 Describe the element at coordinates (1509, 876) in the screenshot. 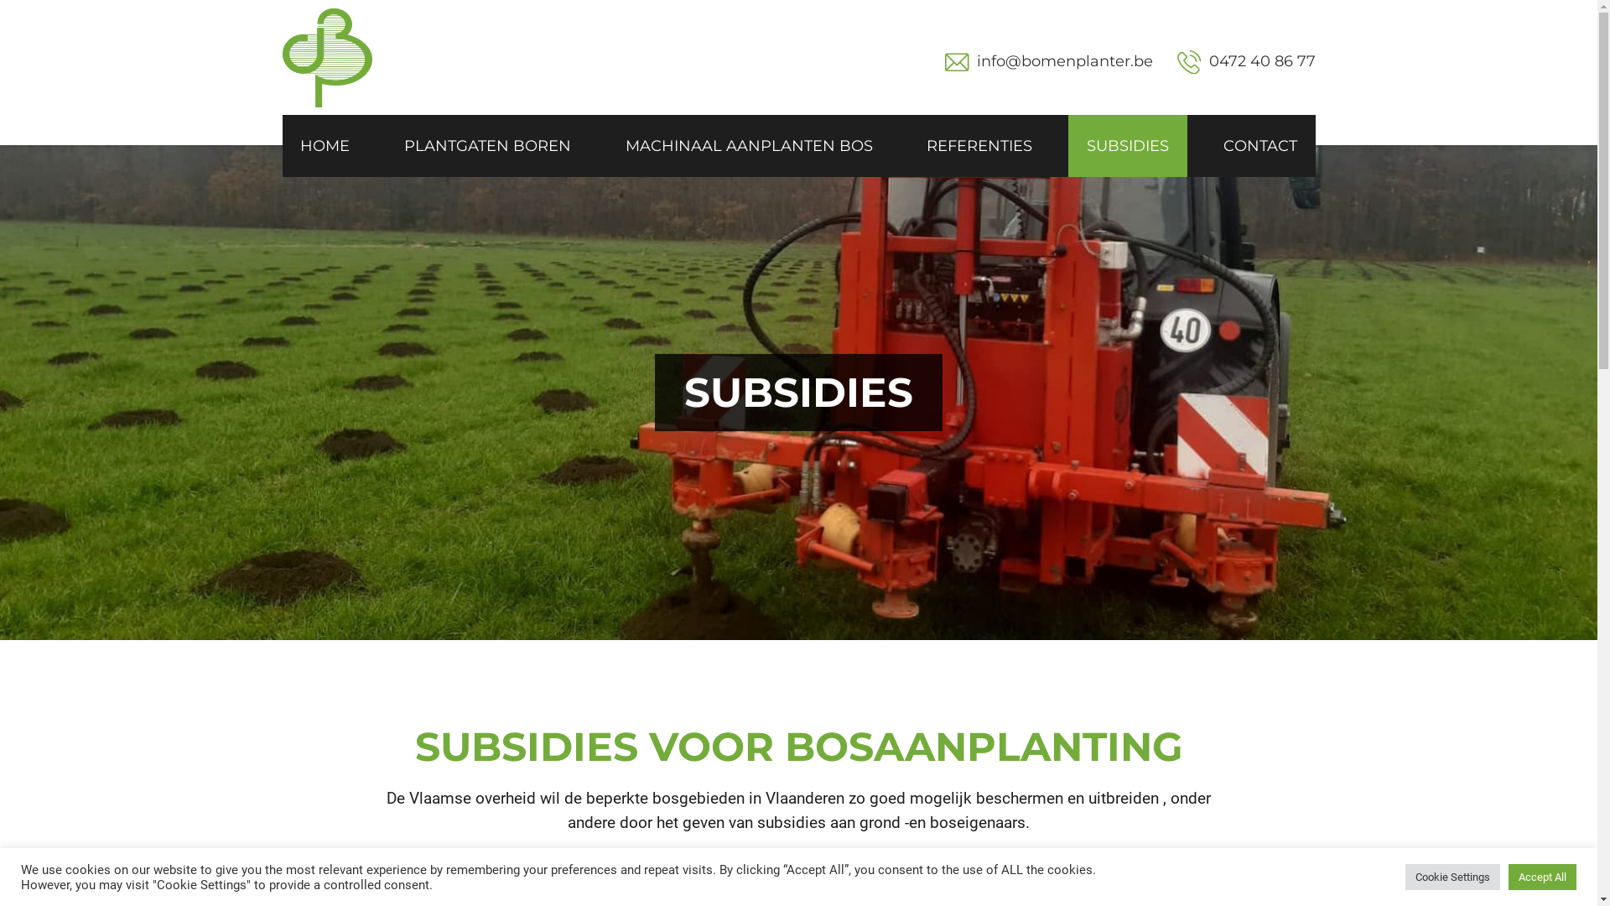

I see `'Accept All'` at that location.